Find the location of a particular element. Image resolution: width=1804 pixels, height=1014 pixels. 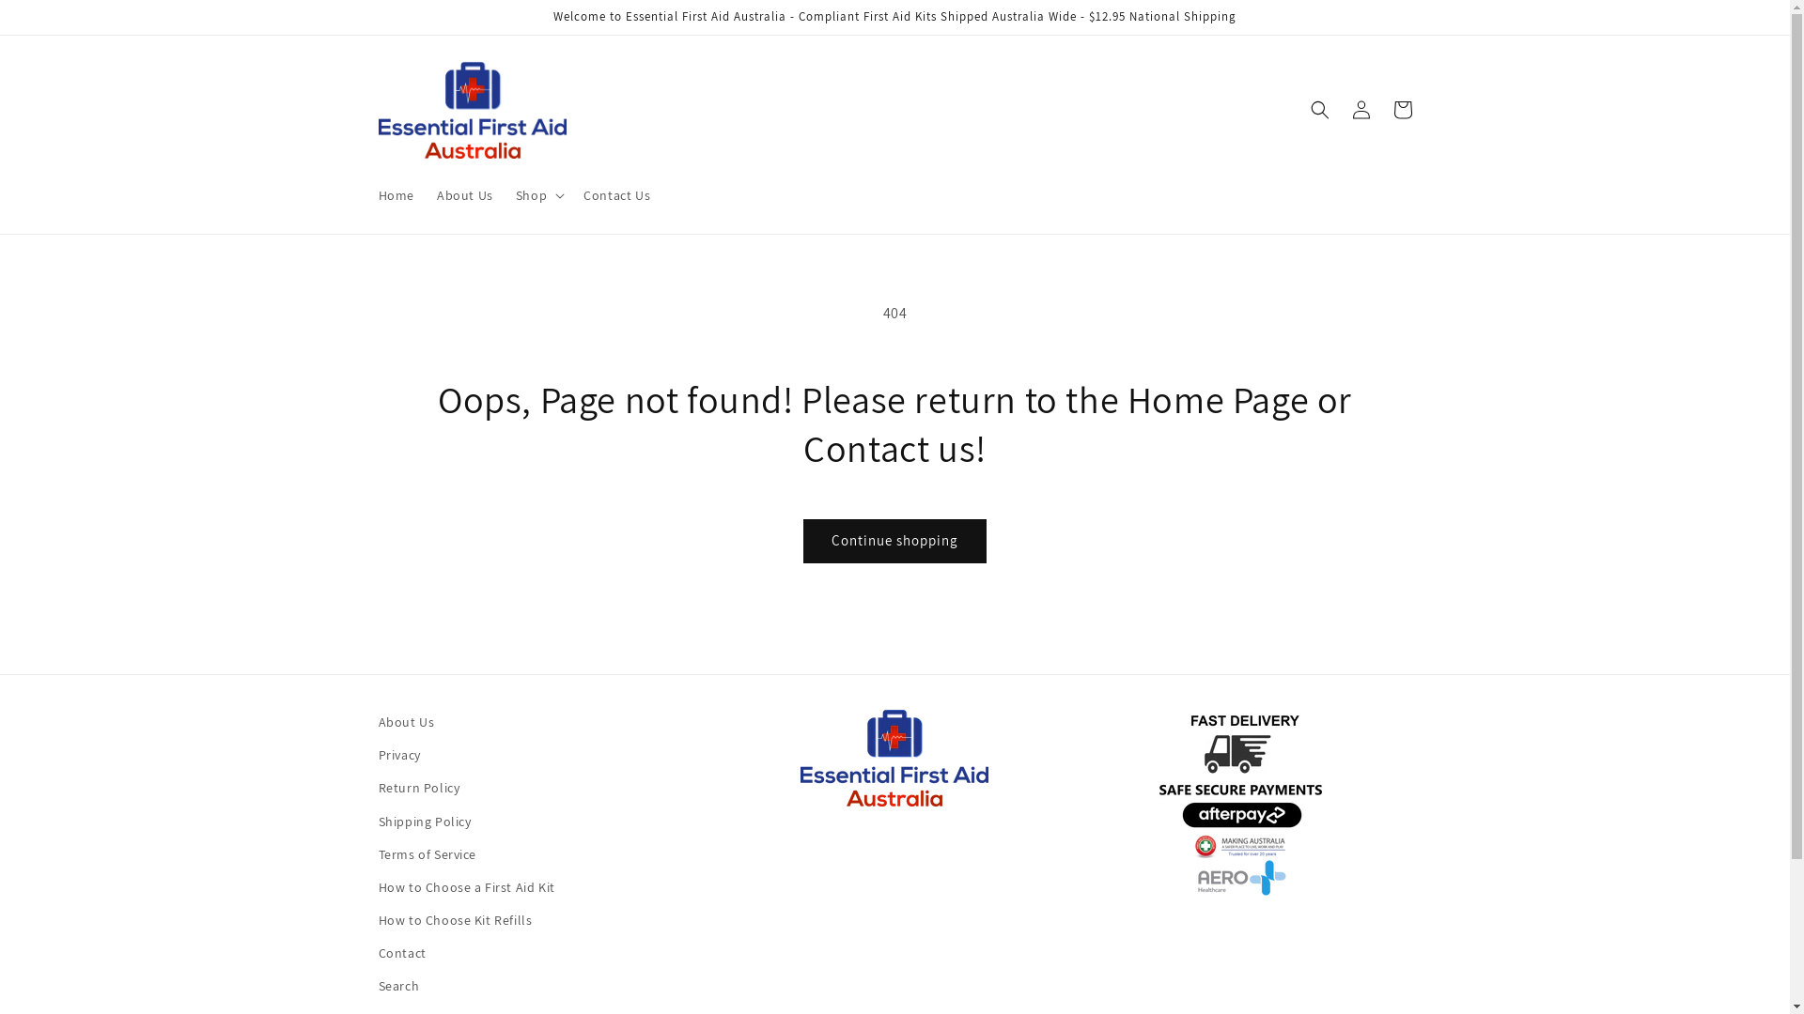

'About Us' is located at coordinates (405, 723).